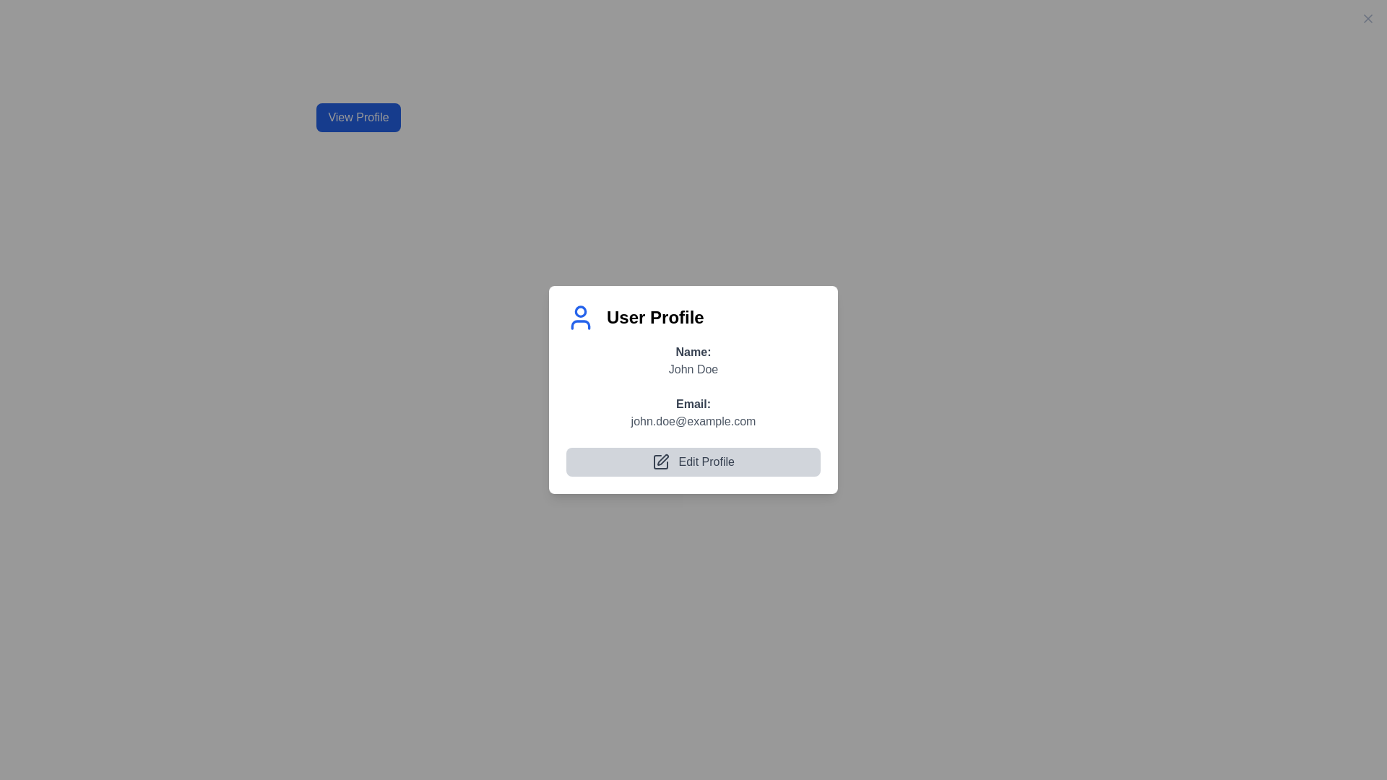 This screenshot has height=780, width=1387. I want to click on the SVG circle that forms the head of the human figure in the 'lucide-user' SVG icon, which is located above the 'User Profile' text in the center of the profile card, so click(581, 311).